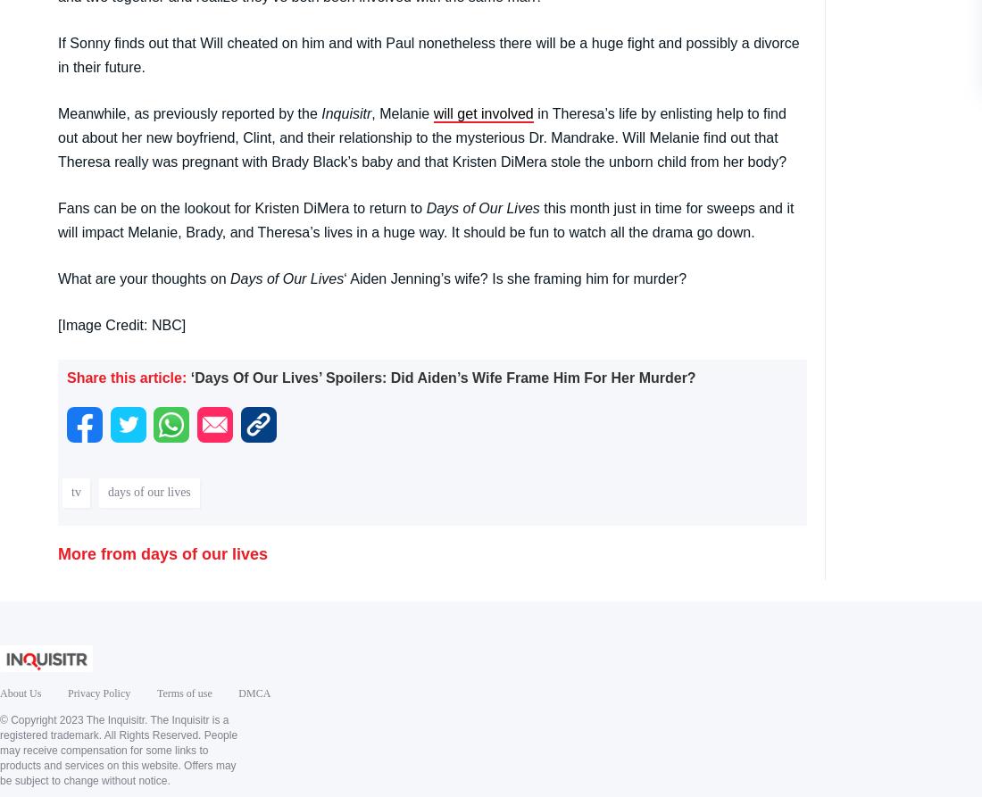 The width and height of the screenshot is (982, 797). I want to click on 'this month just in time for sweeps and it will impact Melanie, Brady, and Theresa’s lives in a huge way. It should be fun to watch all the drama go down.', so click(57, 219).